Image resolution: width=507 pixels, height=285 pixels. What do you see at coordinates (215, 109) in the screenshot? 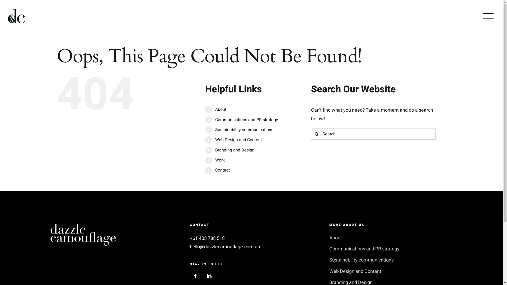
I see `'About'` at bounding box center [215, 109].